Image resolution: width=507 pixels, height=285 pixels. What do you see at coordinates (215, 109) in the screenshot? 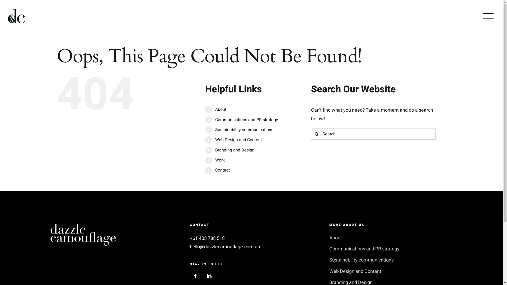
I see `'About'` at bounding box center [215, 109].